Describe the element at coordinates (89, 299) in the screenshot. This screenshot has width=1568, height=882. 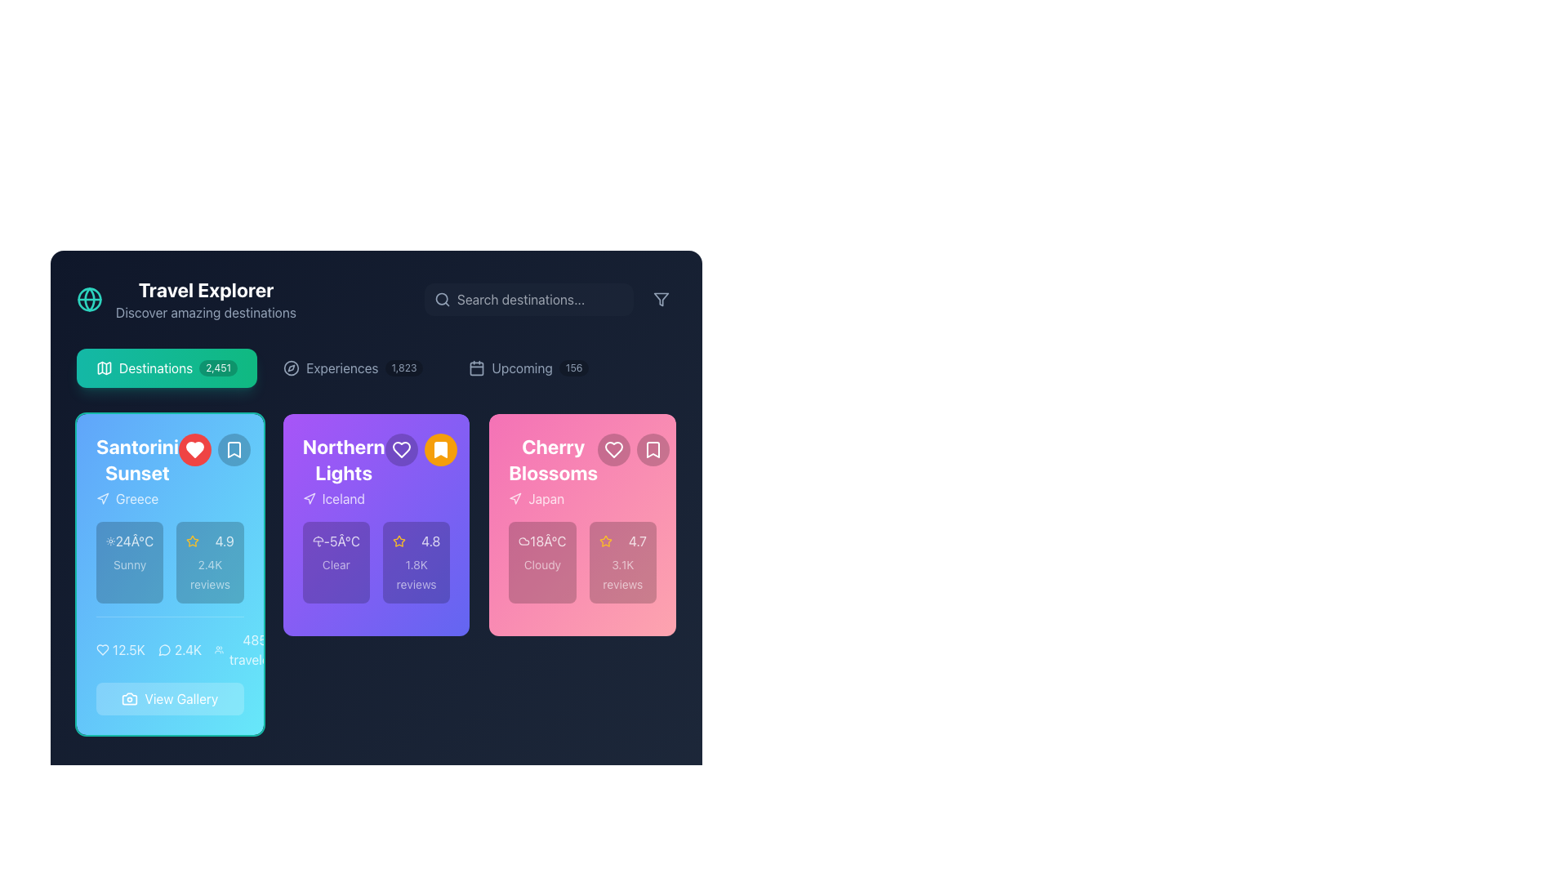
I see `the teal globe icon with minimalist line art style located to the left of the 'Travel Explorer' title` at that location.